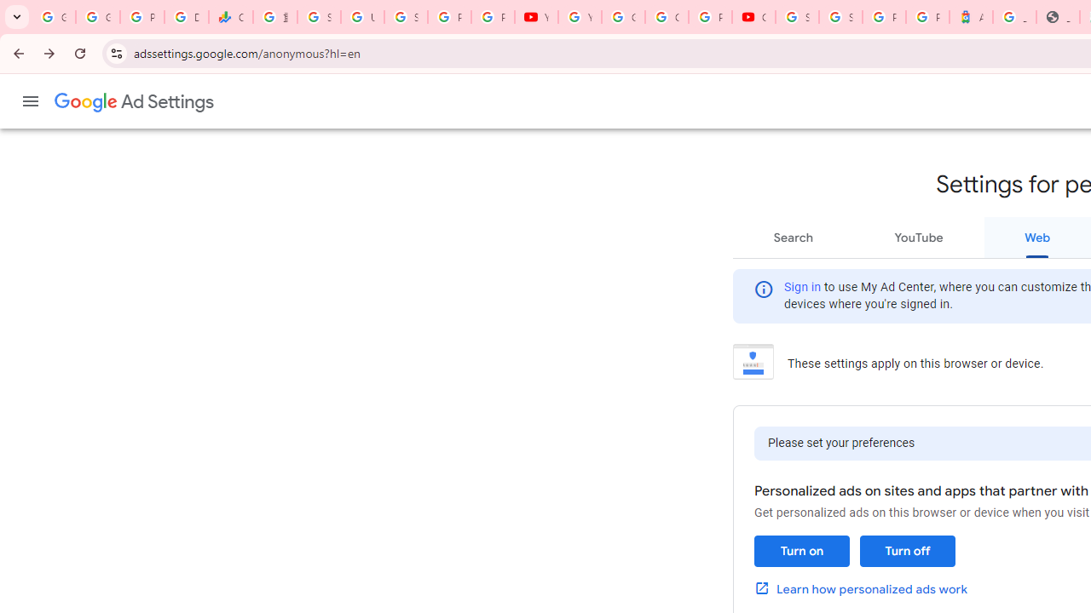 The width and height of the screenshot is (1091, 613). Describe the element at coordinates (115, 52) in the screenshot. I see `'View site information'` at that location.